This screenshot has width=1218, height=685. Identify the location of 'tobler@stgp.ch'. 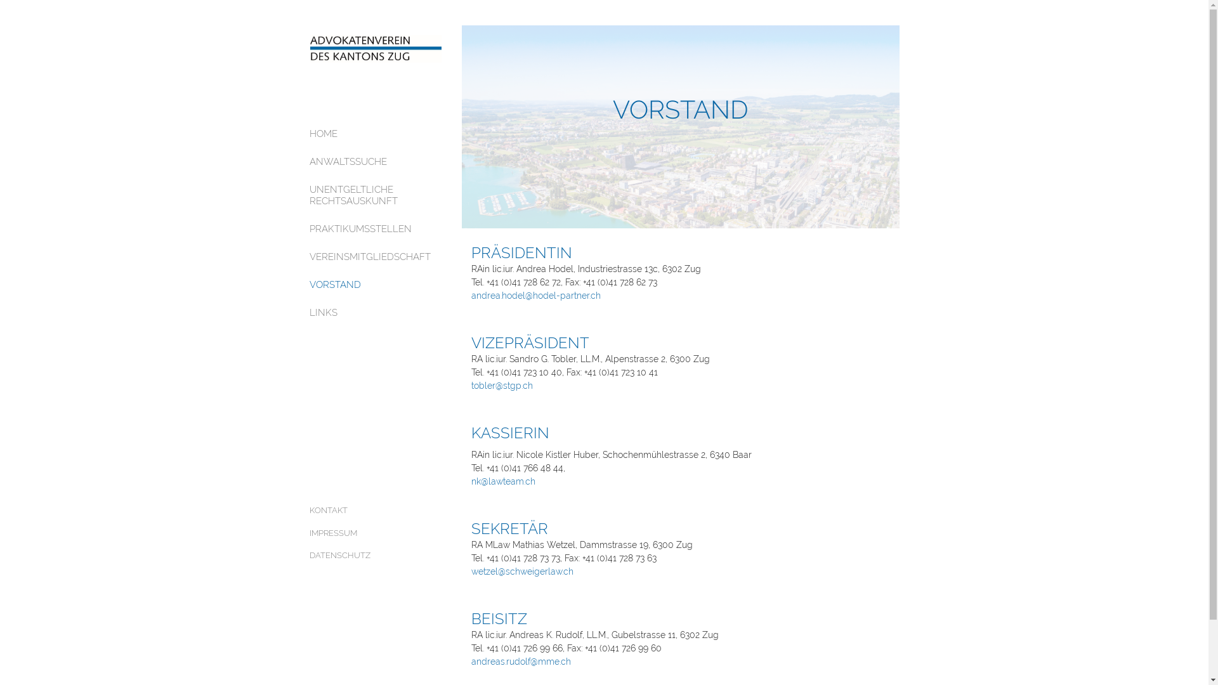
(501, 385).